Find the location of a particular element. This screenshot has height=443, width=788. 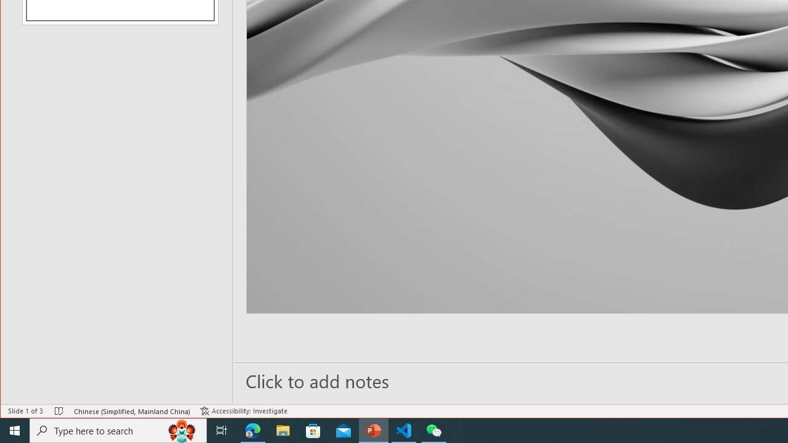

'Microsoft Edge - 1 running window' is located at coordinates (252, 429).